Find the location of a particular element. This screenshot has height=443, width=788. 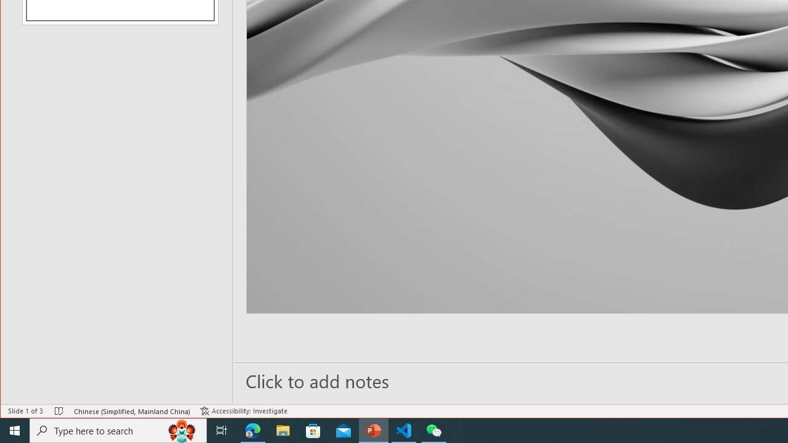

'Microsoft Edge - 1 running window' is located at coordinates (252, 429).